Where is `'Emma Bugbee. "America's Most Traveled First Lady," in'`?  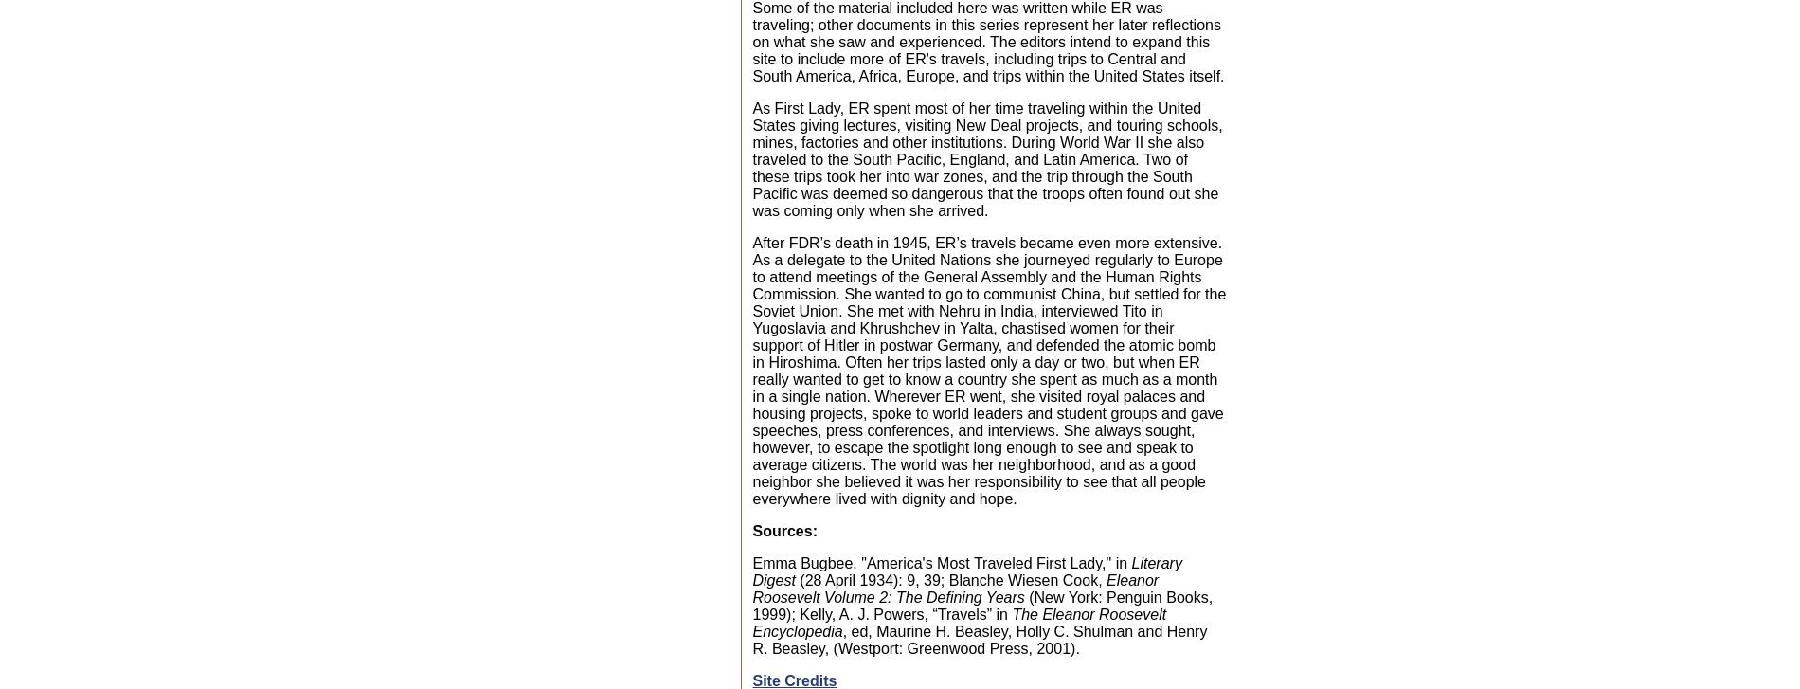 'Emma Bugbee. "America's Most Traveled First Lady," in' is located at coordinates (942, 562).